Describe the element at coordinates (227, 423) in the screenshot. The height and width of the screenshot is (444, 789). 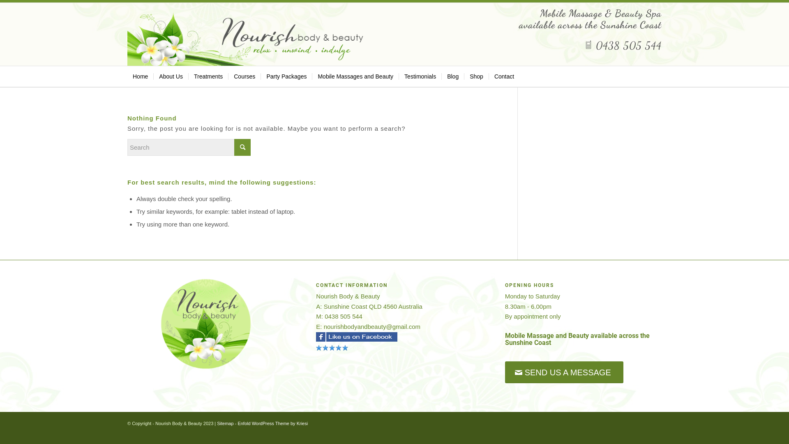
I see `'Sitemap -'` at that location.